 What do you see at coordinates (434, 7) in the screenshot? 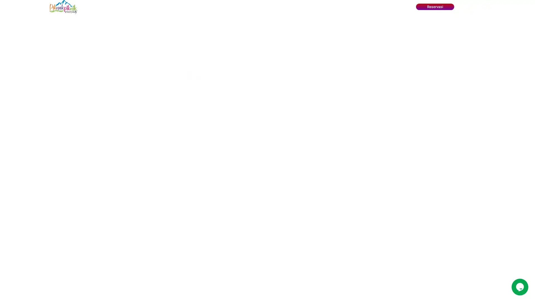
I see `Reservasi` at bounding box center [434, 7].